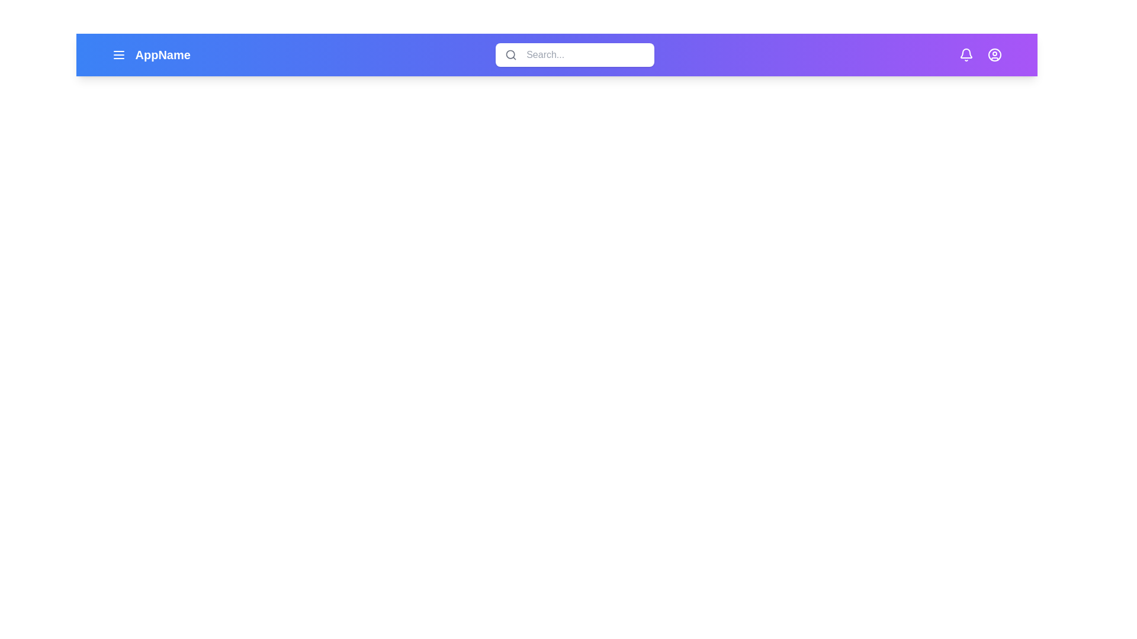 The height and width of the screenshot is (639, 1137). What do you see at coordinates (162, 54) in the screenshot?
I see `the application name to highlight it` at bounding box center [162, 54].